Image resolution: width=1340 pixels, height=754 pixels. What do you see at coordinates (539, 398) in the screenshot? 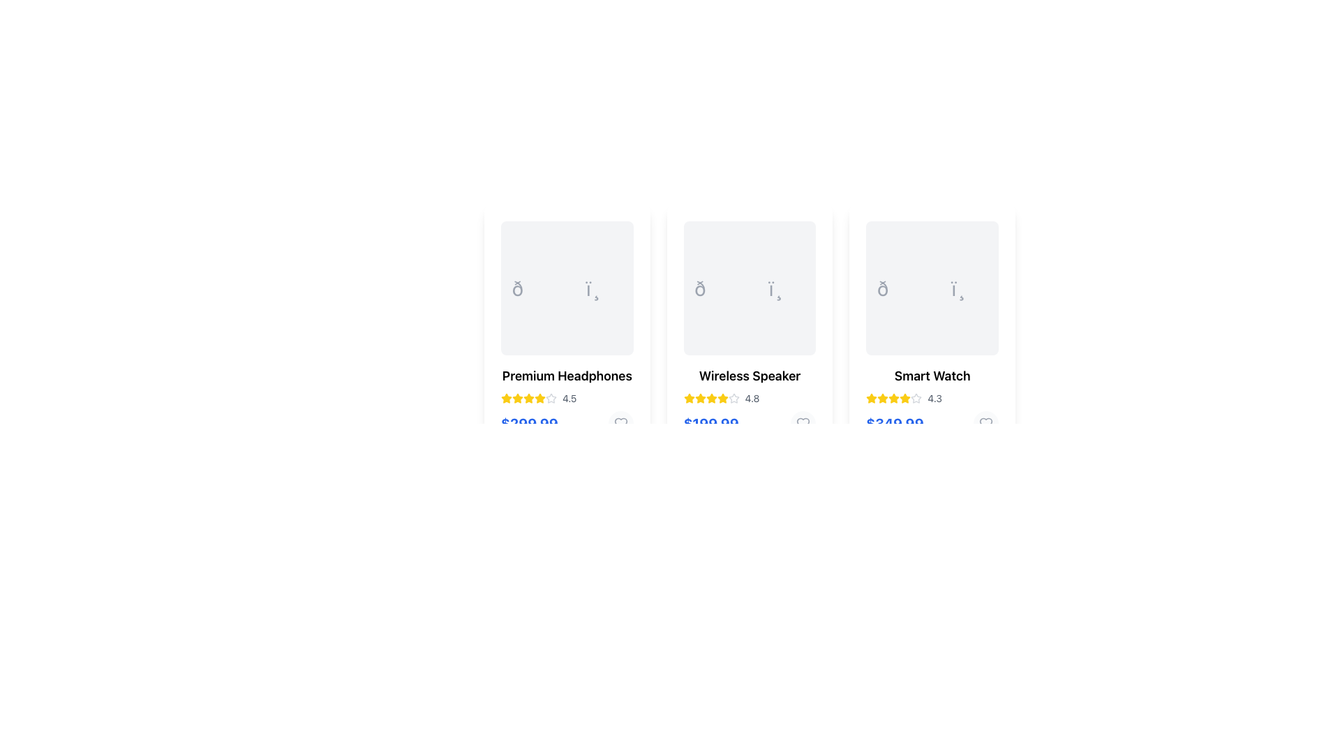
I see `yellow star icon located in the second position of the star rating for the 'Premium Headphones' product card` at bounding box center [539, 398].